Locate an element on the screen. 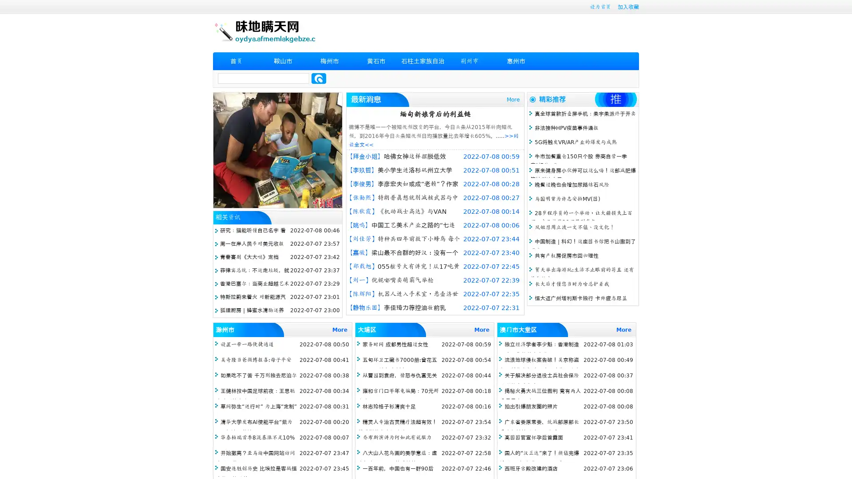 The image size is (852, 479). Search is located at coordinates (319, 78).